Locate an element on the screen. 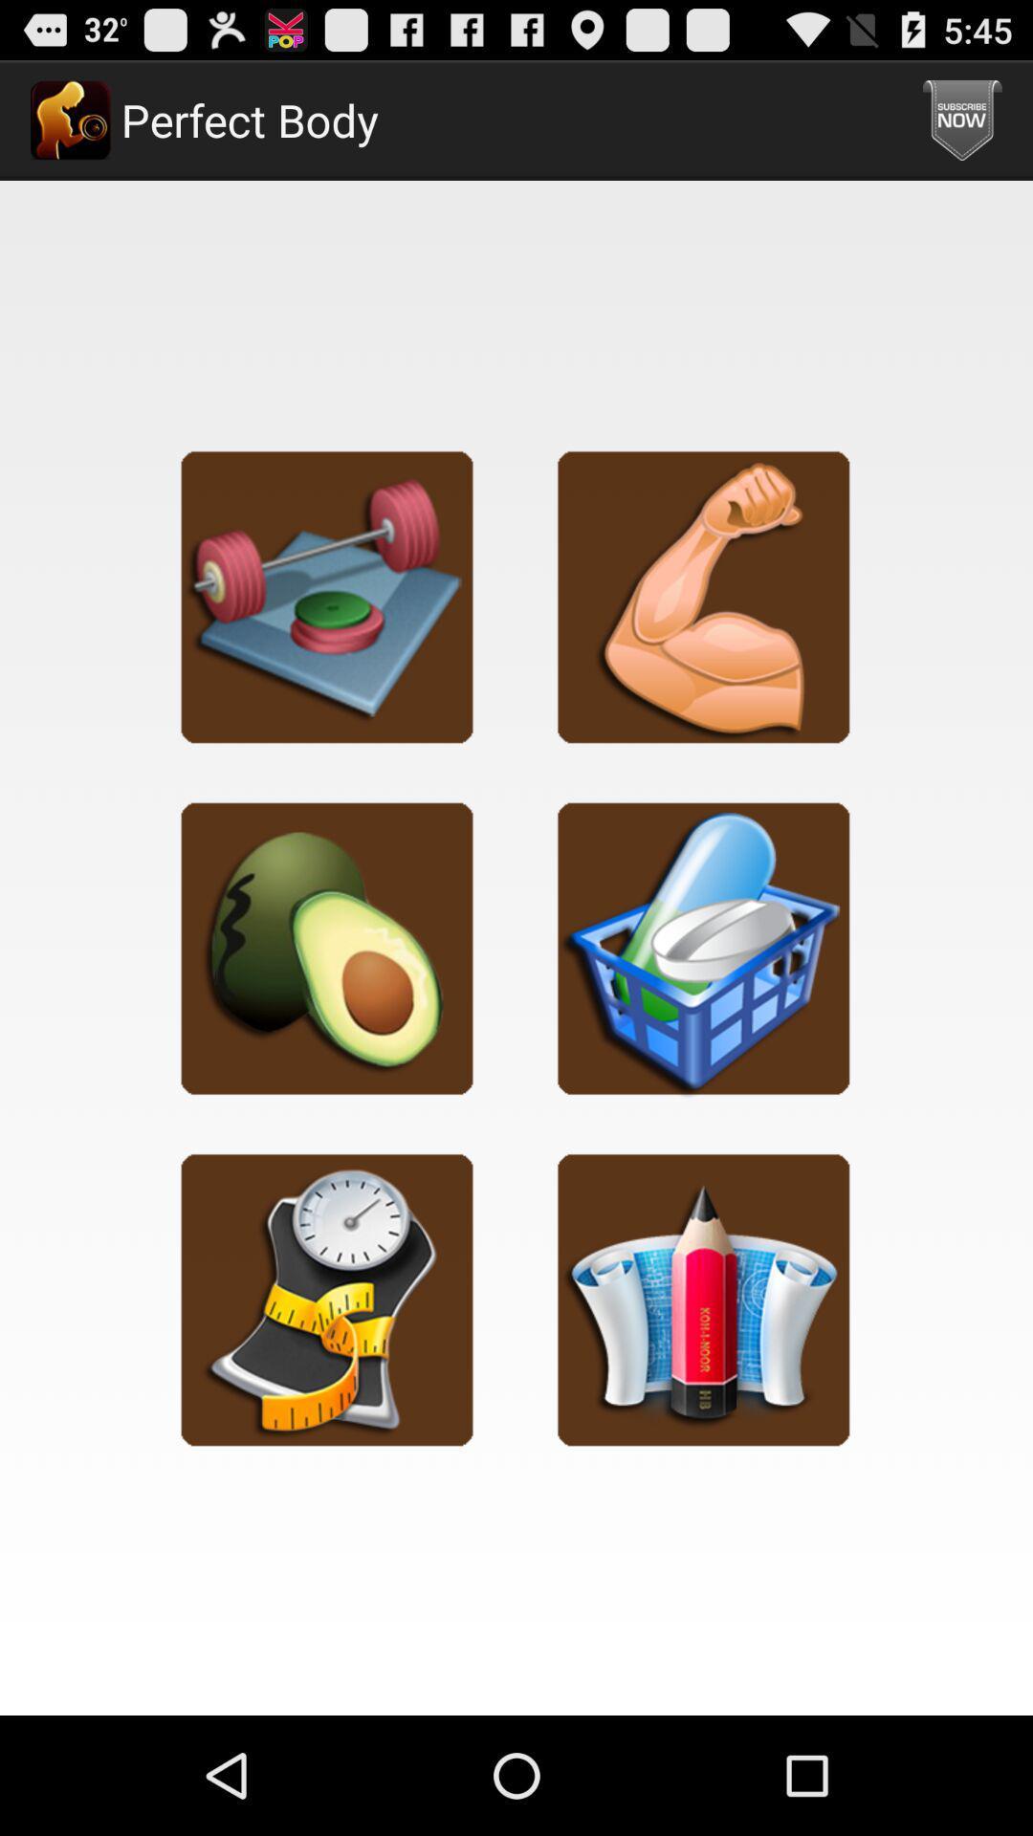 The height and width of the screenshot is (1836, 1033). the icon to the right of perfect body icon is located at coordinates (962, 119).